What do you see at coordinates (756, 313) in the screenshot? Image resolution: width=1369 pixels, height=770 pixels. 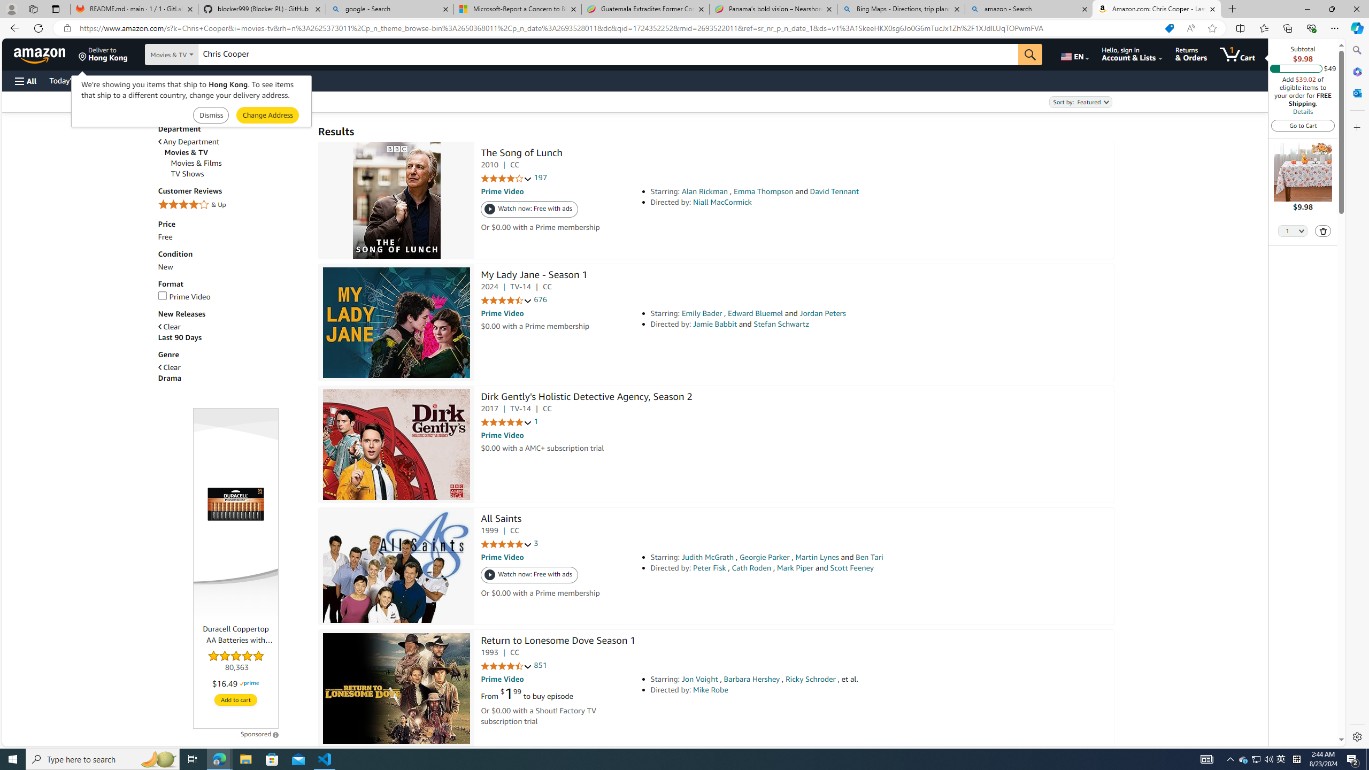 I see `'Edward Bluemel'` at bounding box center [756, 313].